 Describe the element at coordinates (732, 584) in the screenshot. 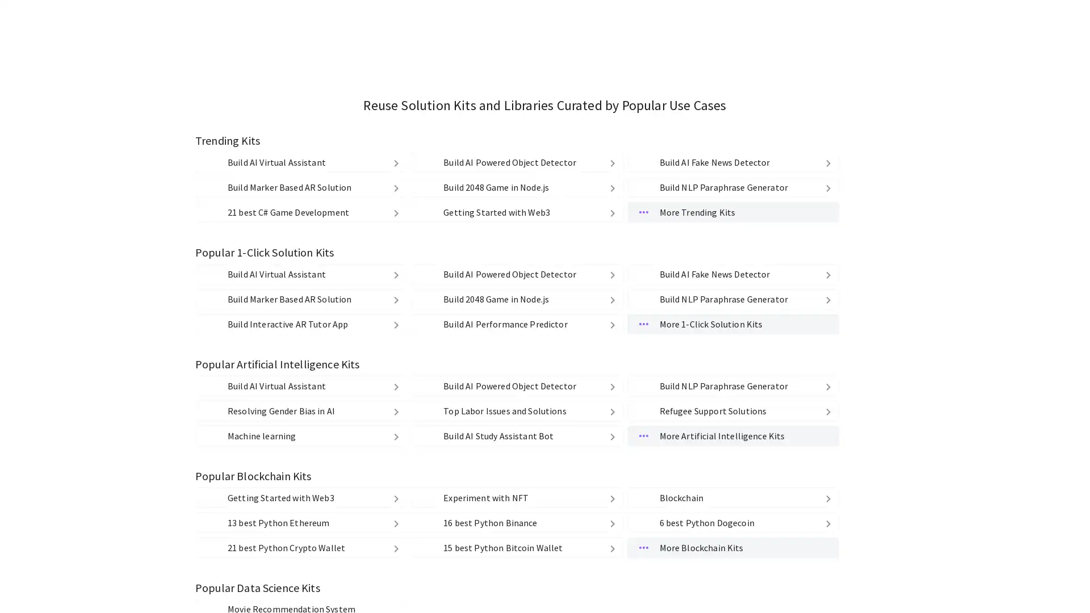

I see `paraphrase-generator1 Build NLP Paraphrase Generator` at that location.